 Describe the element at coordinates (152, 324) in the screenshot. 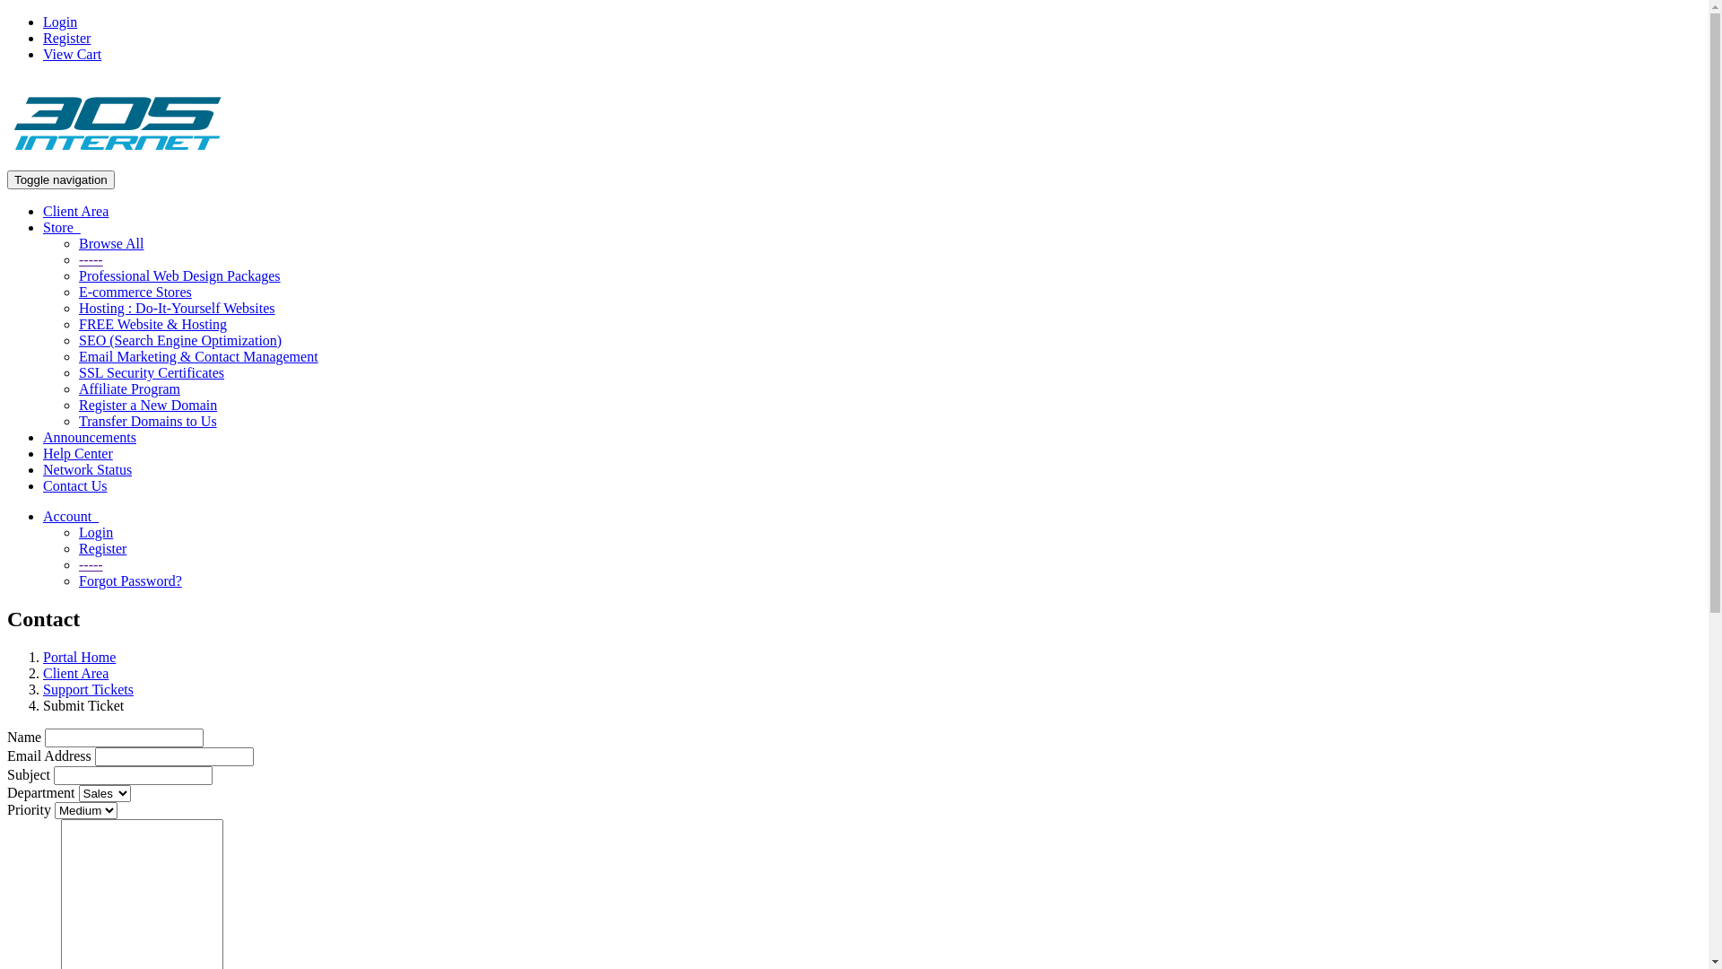

I see `'FREE Website & Hosting'` at that location.